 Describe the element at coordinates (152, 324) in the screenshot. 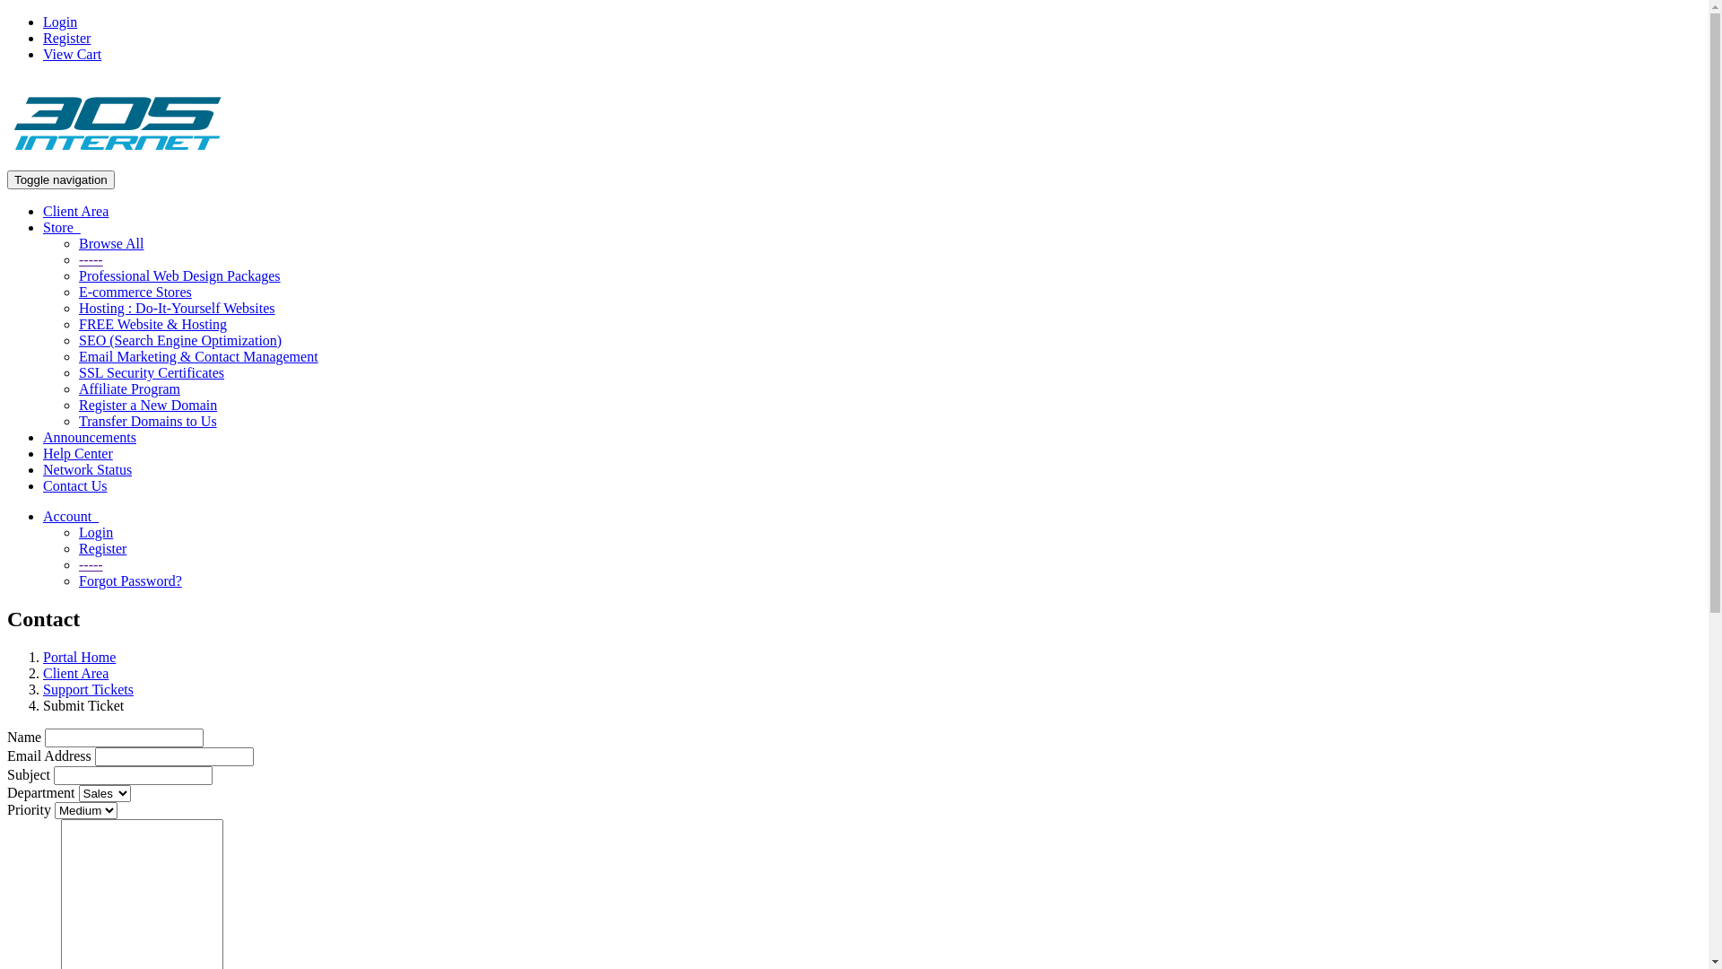

I see `'FREE Website & Hosting'` at that location.